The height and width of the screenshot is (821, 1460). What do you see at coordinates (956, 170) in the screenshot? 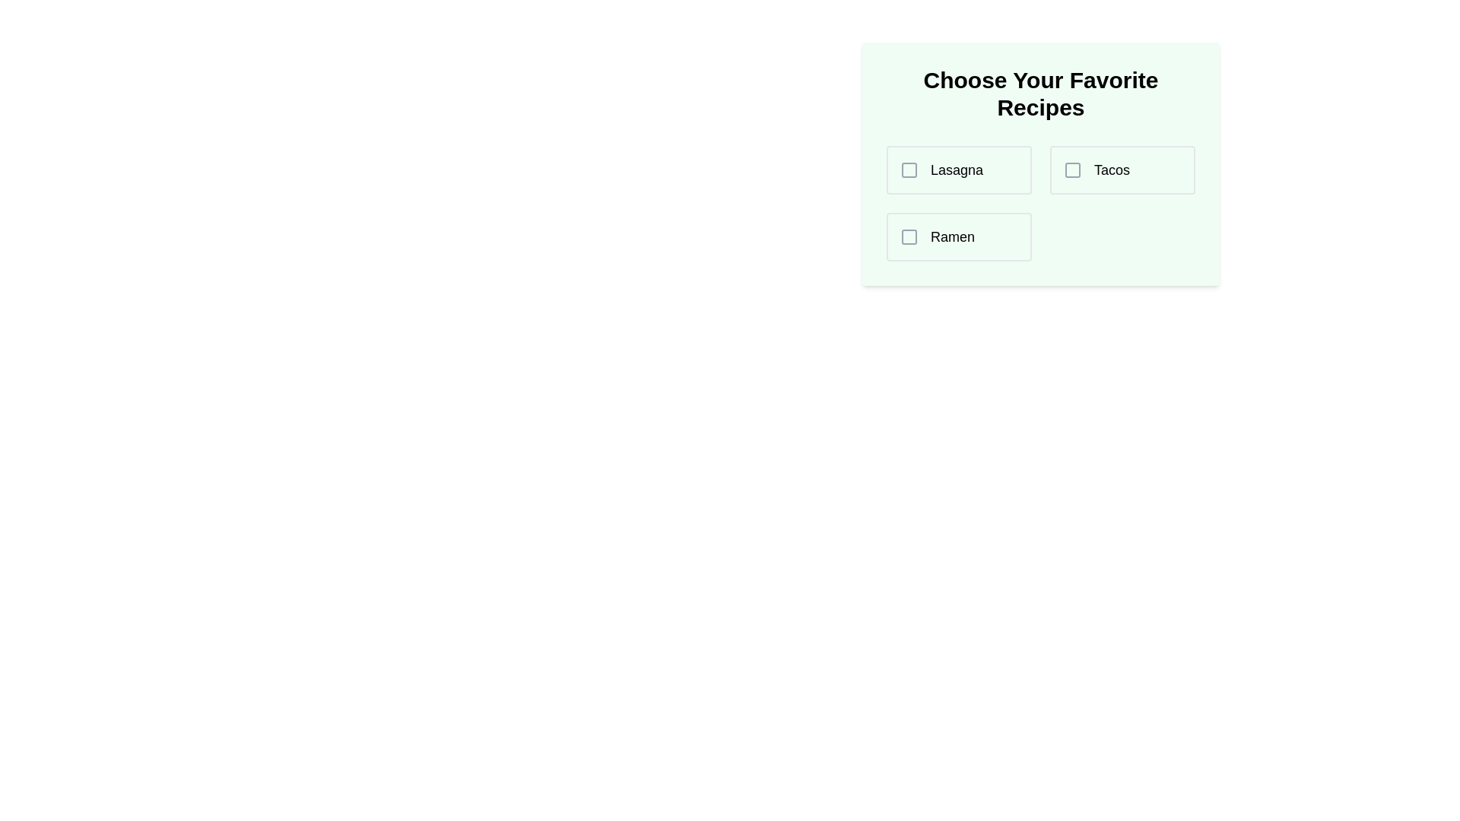
I see `the text label displaying 'Lasagna', which is styled in bold and is part of the 'Choose Your Favorite Recipes' section, positioned beside a checkbox` at bounding box center [956, 170].